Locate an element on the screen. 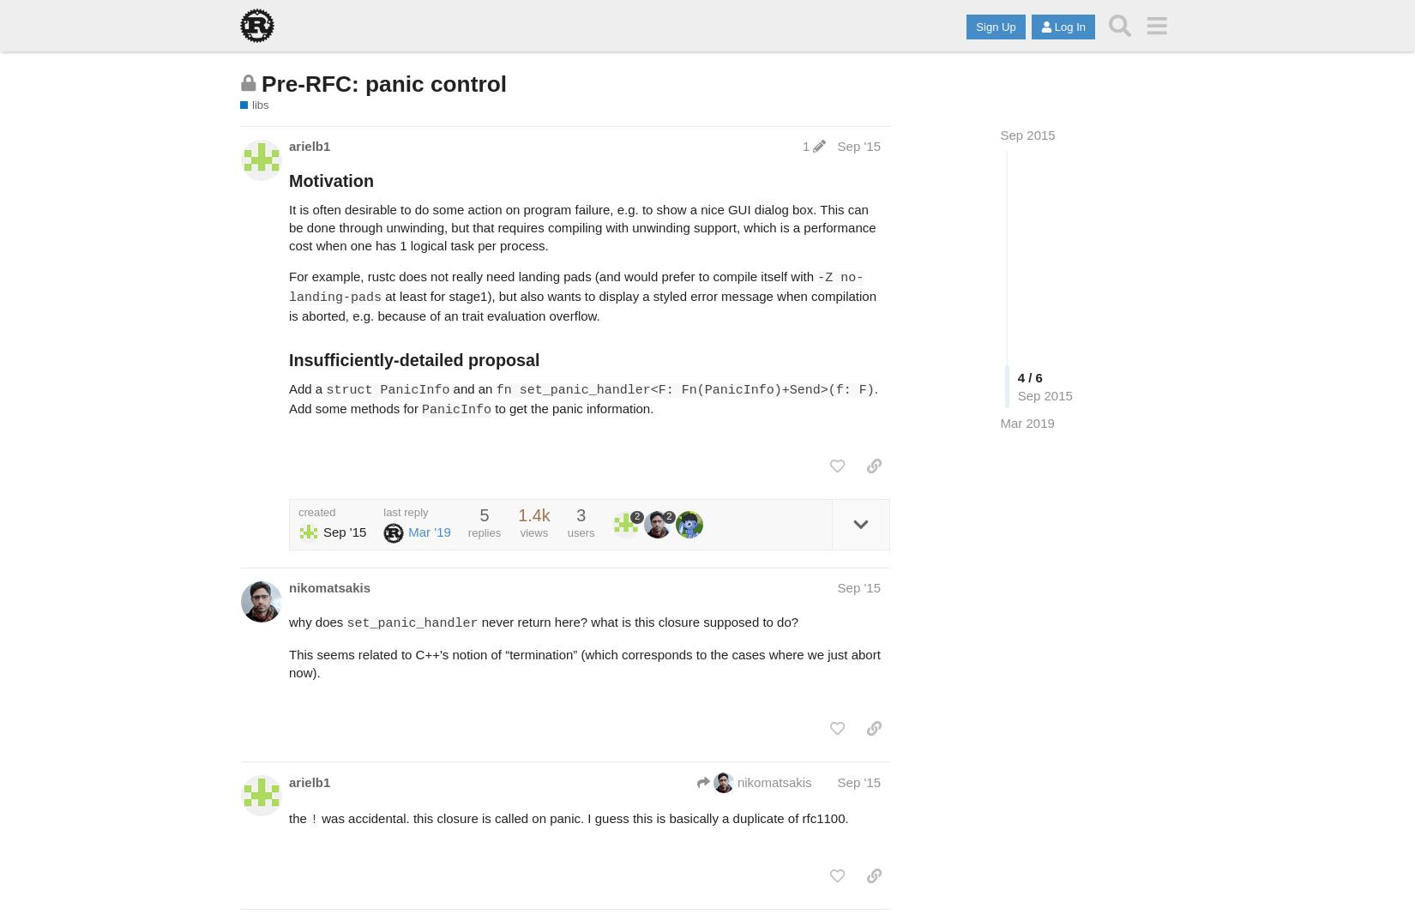 This screenshot has width=1415, height=920. 'For example, rustc does not really need landing pads (and would prefer to compile itself with' is located at coordinates (551, 275).